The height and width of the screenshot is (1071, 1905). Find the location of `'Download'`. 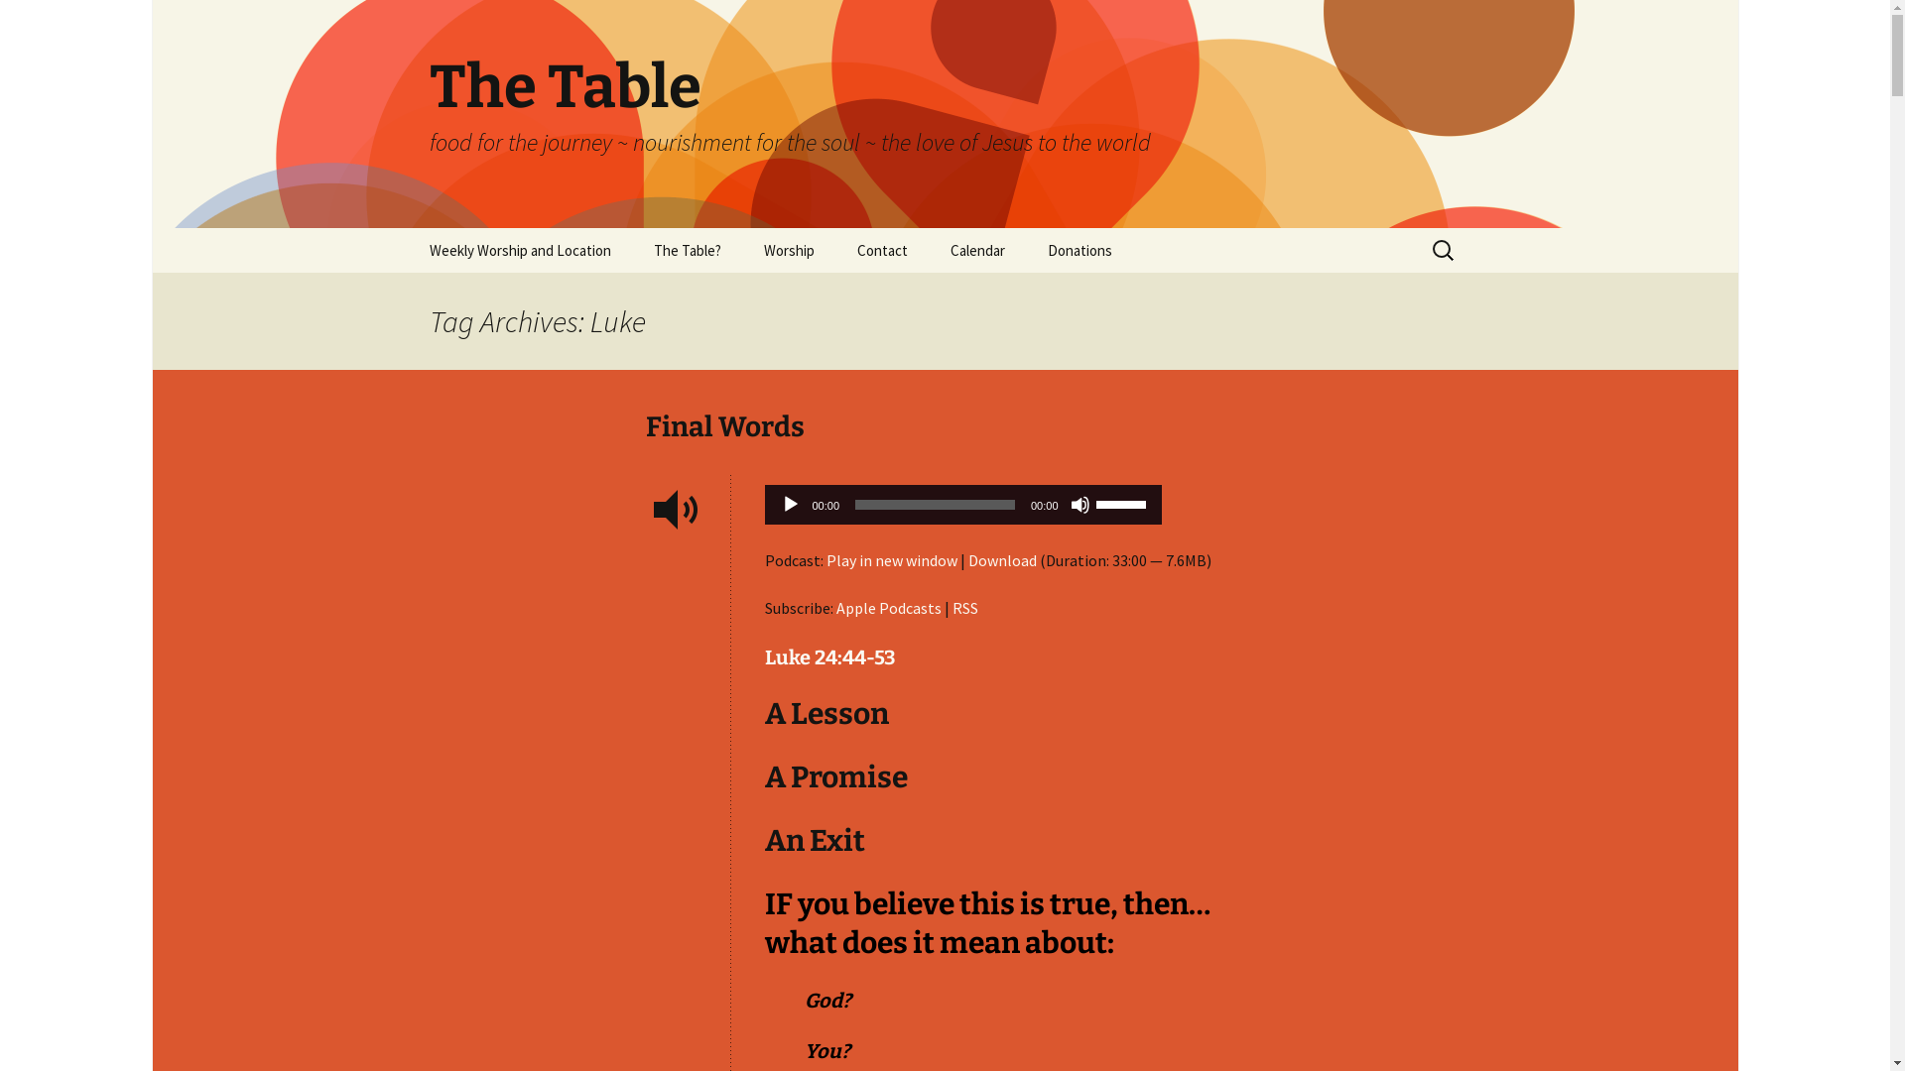

'Download' is located at coordinates (967, 559).